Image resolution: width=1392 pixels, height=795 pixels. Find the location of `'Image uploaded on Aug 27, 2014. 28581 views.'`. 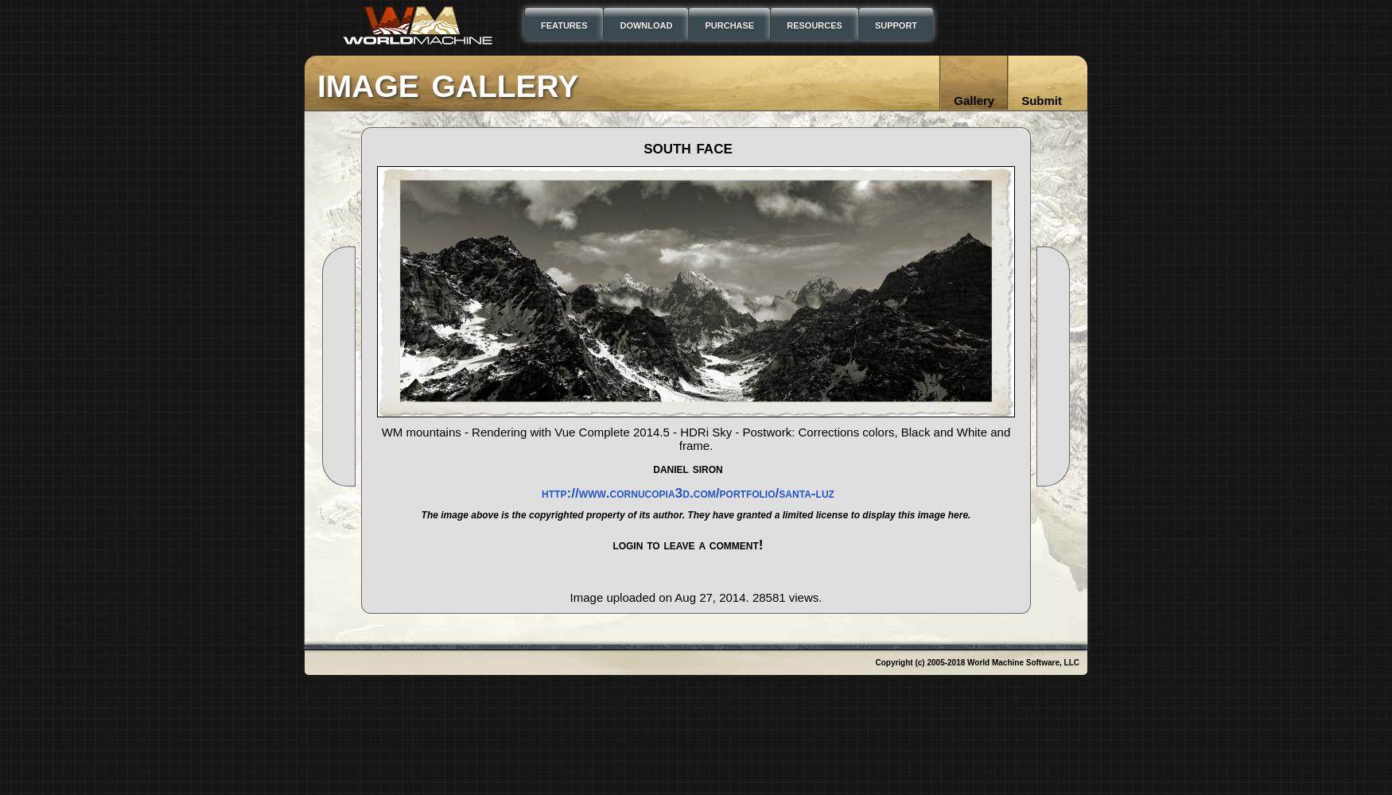

'Image uploaded on Aug 27, 2014. 28581 views.' is located at coordinates (695, 597).